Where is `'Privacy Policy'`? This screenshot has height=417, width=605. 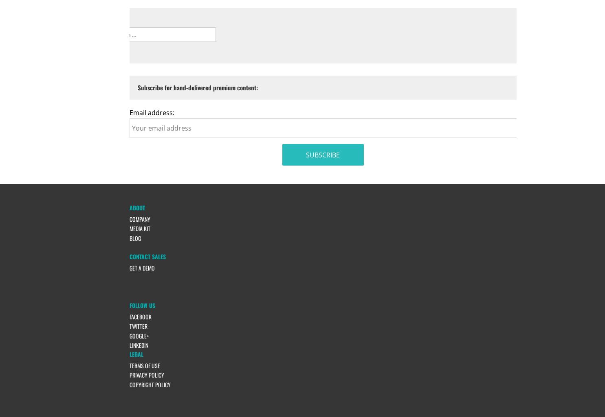
'Privacy Policy' is located at coordinates (146, 374).